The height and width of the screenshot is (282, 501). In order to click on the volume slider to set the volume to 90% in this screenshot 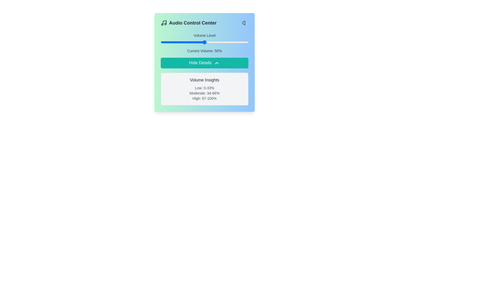, I will do `click(239, 42)`.